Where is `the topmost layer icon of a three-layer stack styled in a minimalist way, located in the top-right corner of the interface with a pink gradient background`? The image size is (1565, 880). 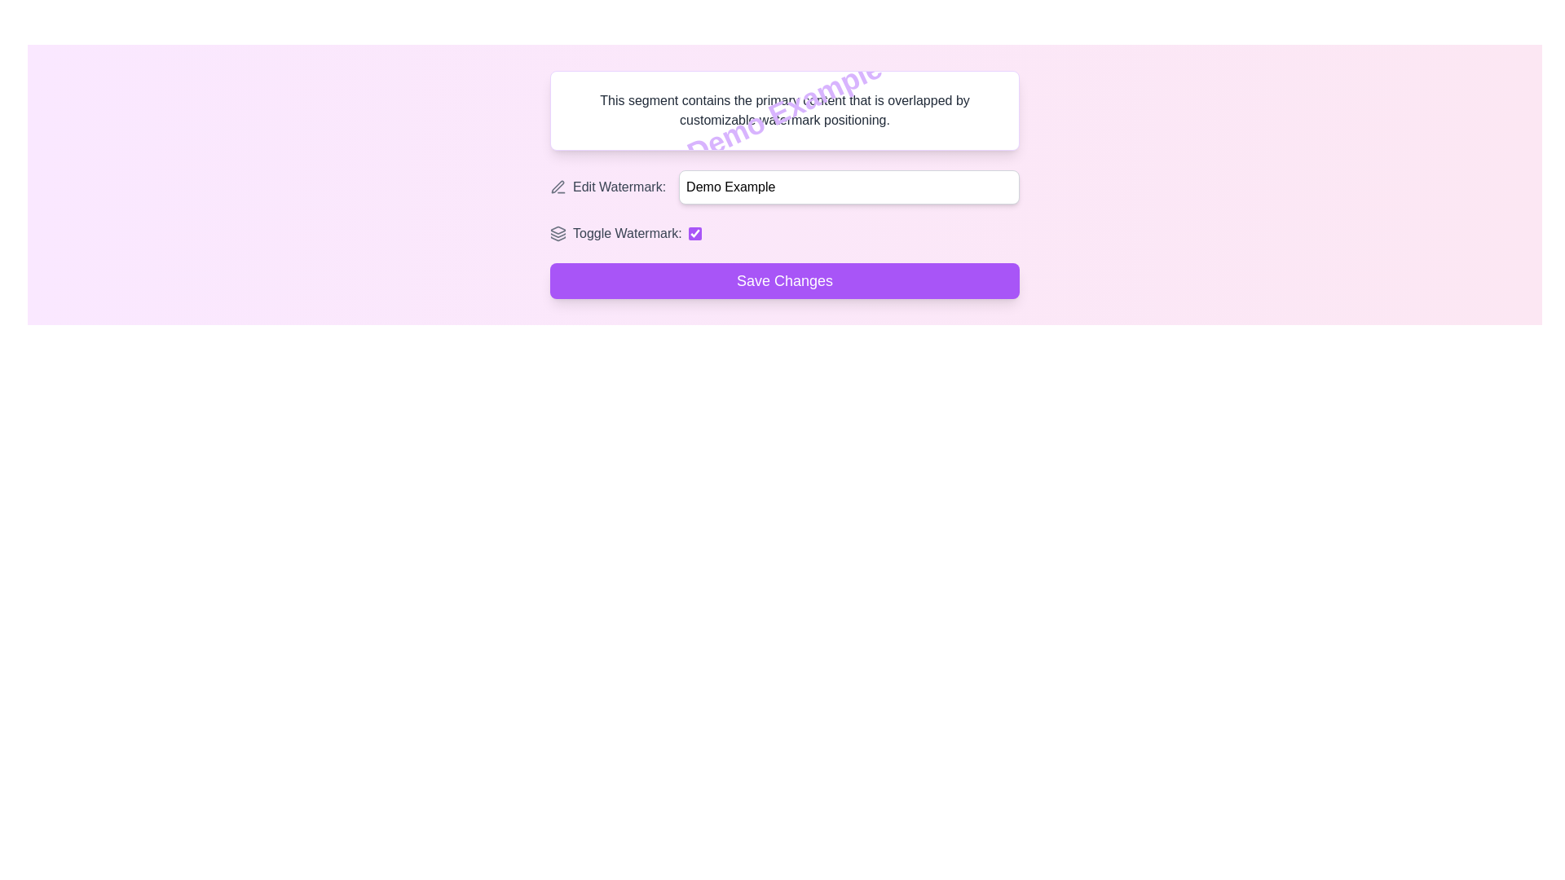 the topmost layer icon of a three-layer stack styled in a minimalist way, located in the top-right corner of the interface with a pink gradient background is located at coordinates (558, 230).